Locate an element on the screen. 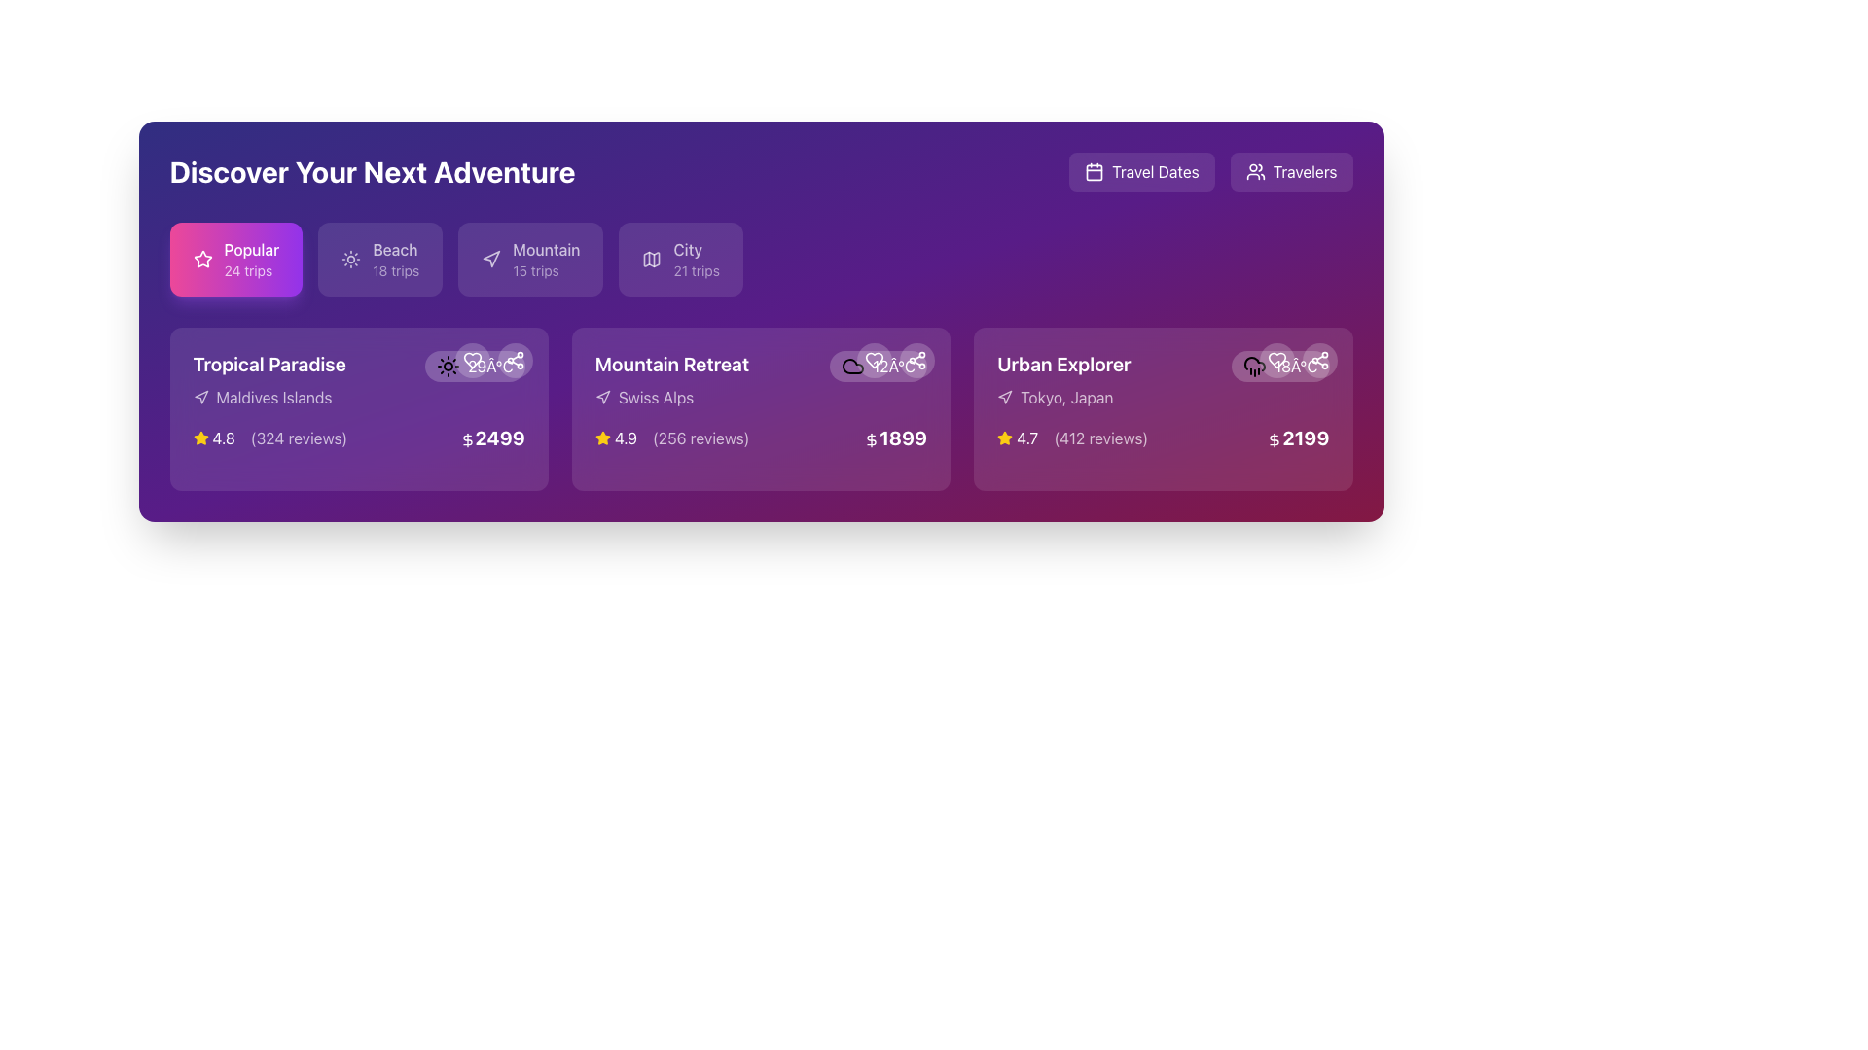  the share icon located within the circular button for sharing content related to the Tropical Paradise destination, situated between the heart icon and the sun icon at the top-right corner of the card is located at coordinates (515, 360).